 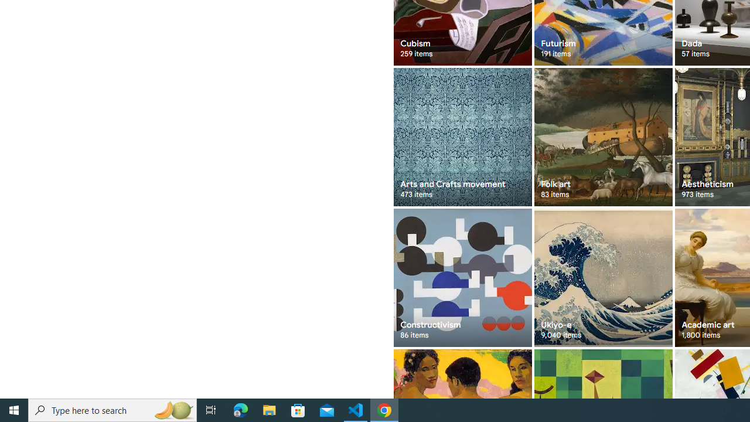 What do you see at coordinates (603, 137) in the screenshot?
I see `'Folk art 83 items'` at bounding box center [603, 137].